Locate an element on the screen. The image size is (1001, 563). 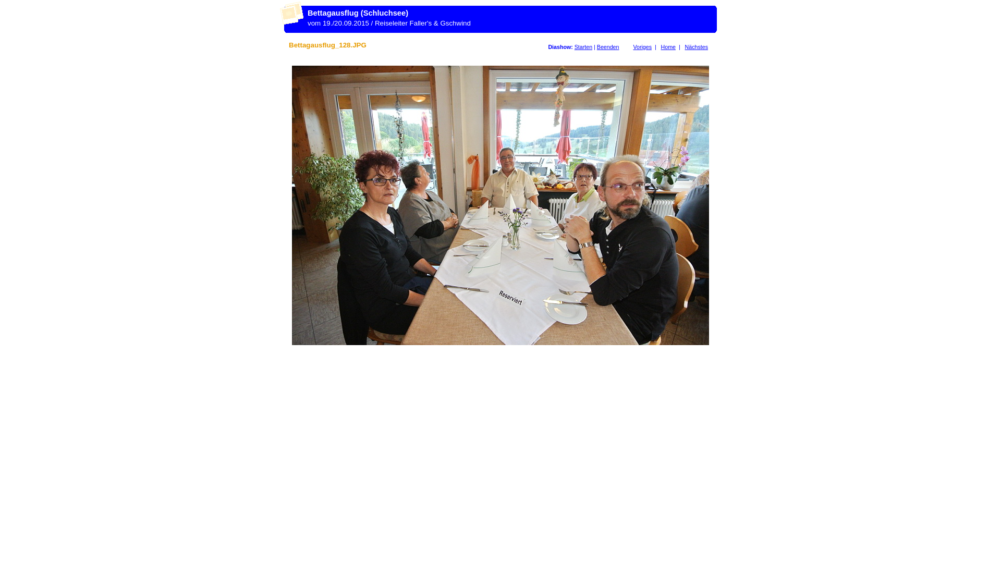
'Starten' is located at coordinates (582, 46).